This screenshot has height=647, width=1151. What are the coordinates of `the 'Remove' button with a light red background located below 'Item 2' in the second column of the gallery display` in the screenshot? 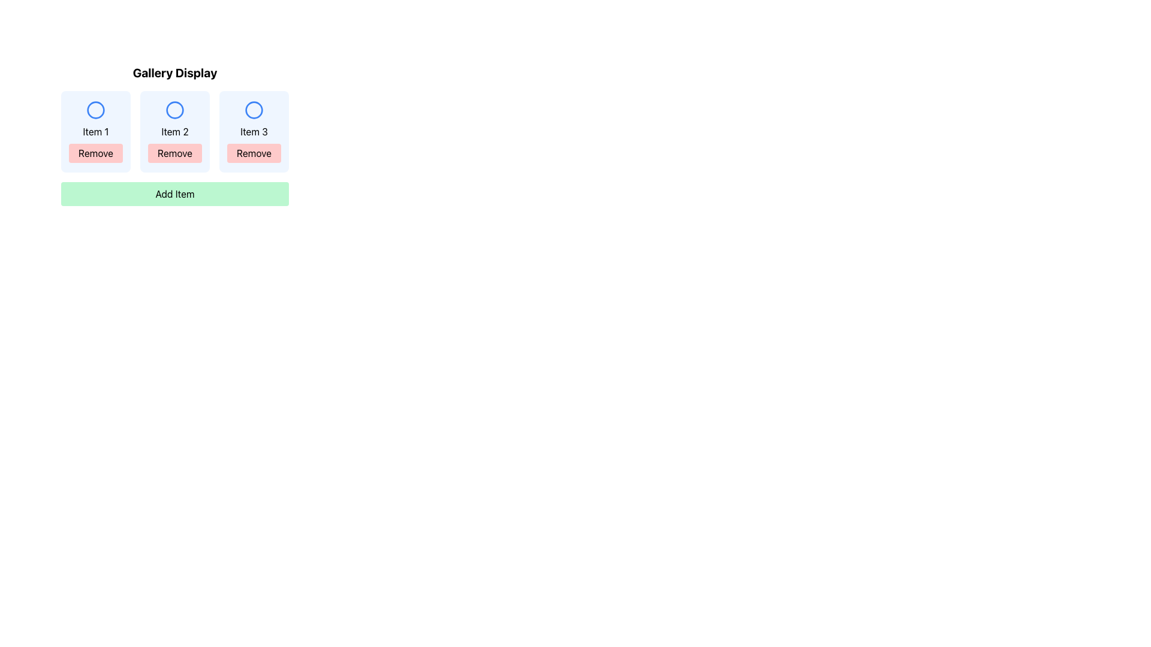 It's located at (174, 152).